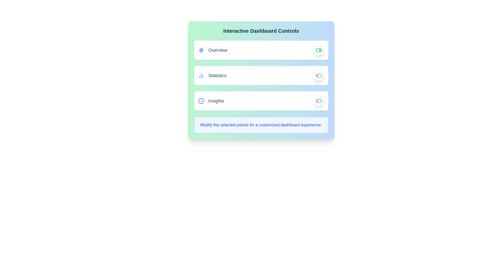 This screenshot has width=488, height=274. What do you see at coordinates (201, 75) in the screenshot?
I see `the leftmost icon in the 'Statistics' section, which visually conveys statistical data or analytics` at bounding box center [201, 75].